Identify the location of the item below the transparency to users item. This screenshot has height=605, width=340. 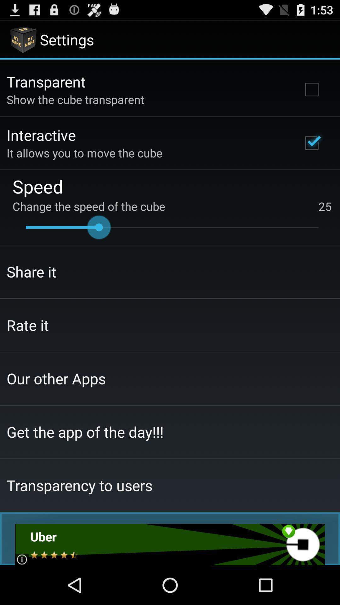
(169, 544).